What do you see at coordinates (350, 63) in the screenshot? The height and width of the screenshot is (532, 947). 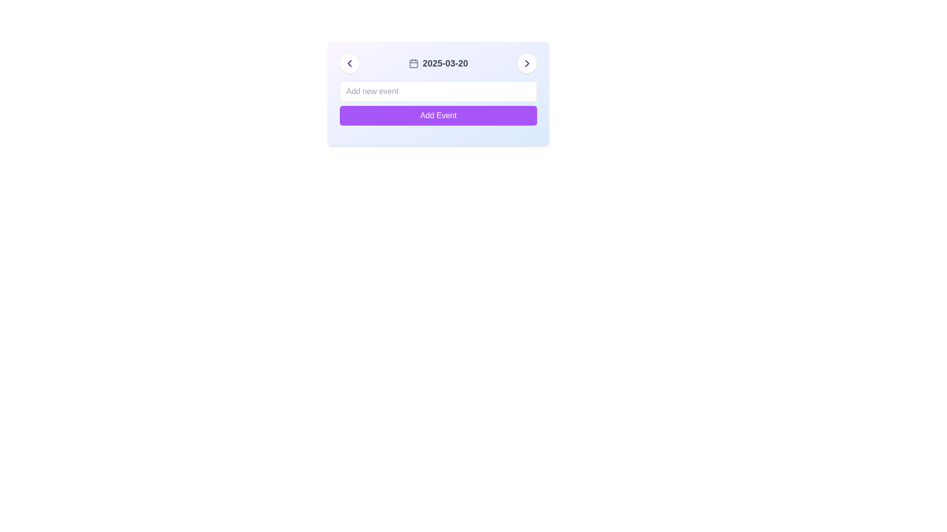 I see `the leftward chevron icon located on the left side of the header area, adjacent to the date '2025-03-20'` at bounding box center [350, 63].